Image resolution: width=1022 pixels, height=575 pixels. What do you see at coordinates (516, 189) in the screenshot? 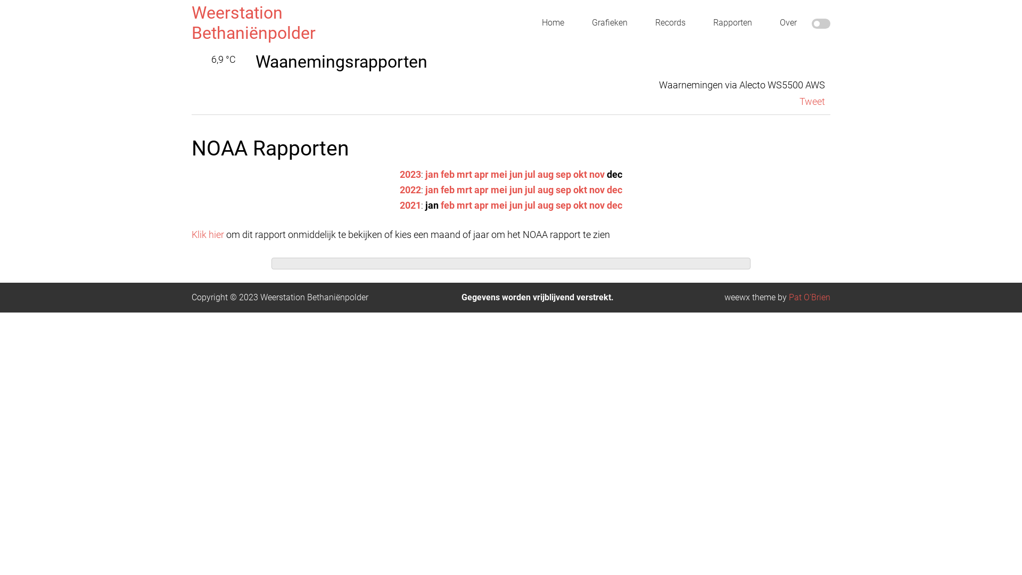
I see `'jun'` at bounding box center [516, 189].